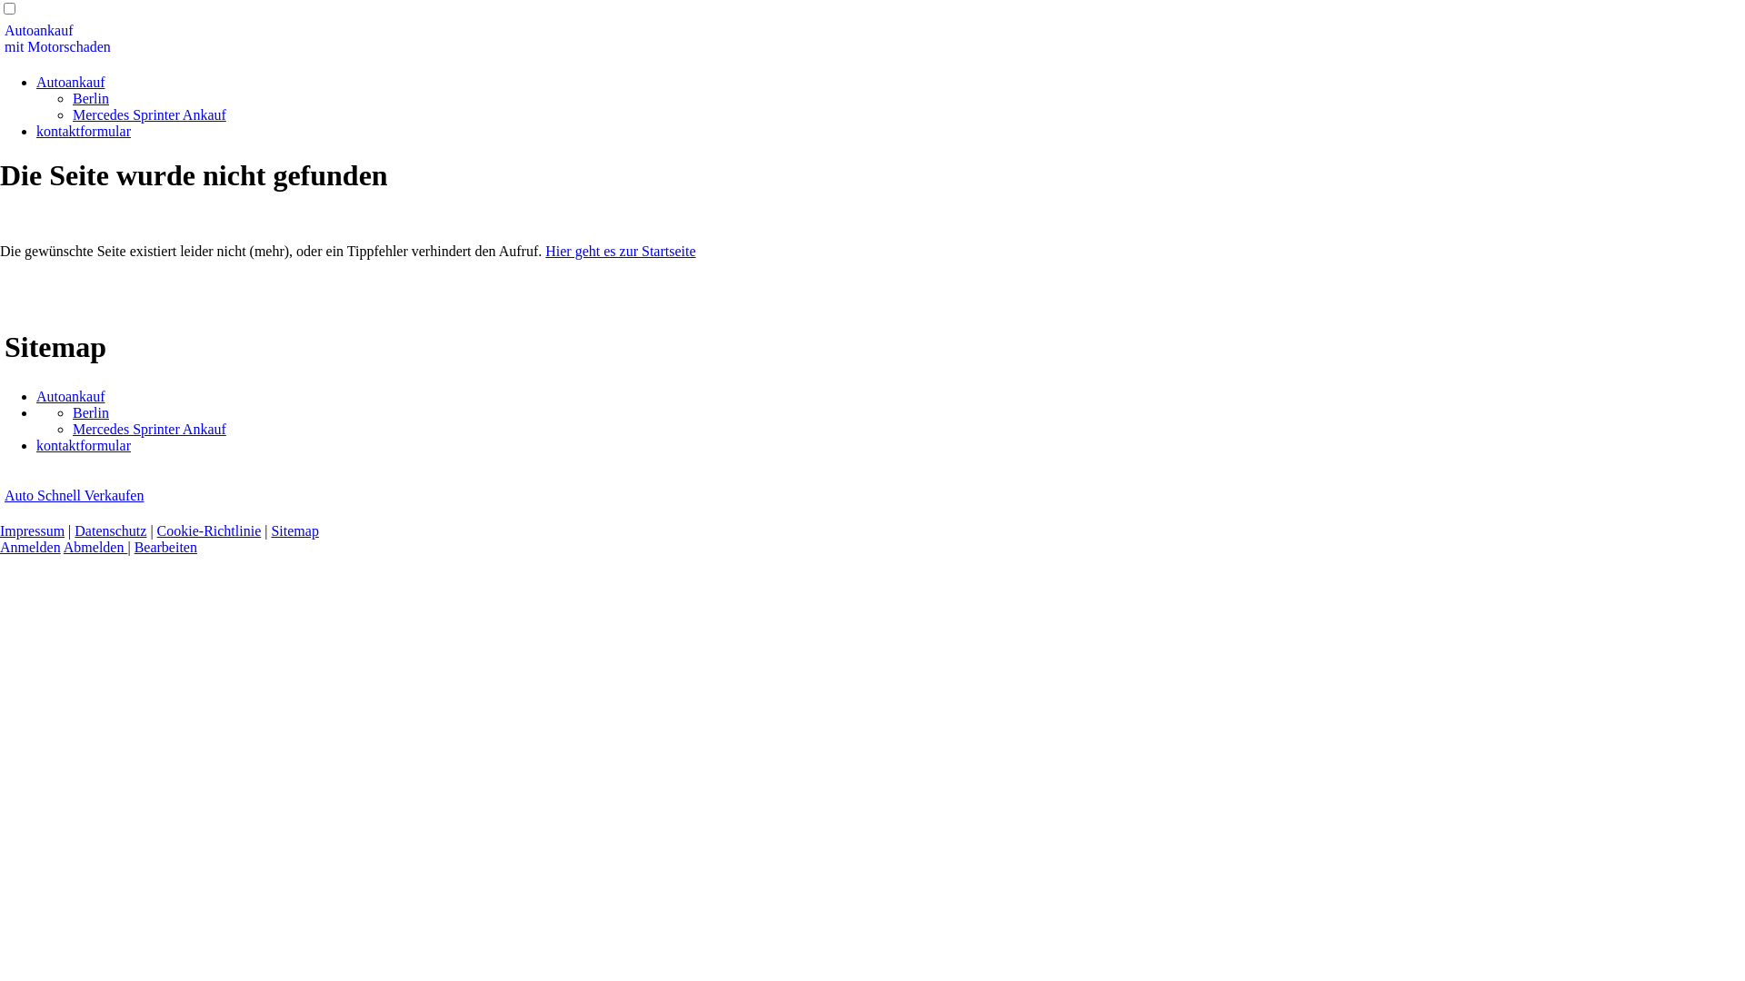 This screenshot has width=1745, height=981. I want to click on 'Abmelden', so click(95, 546).